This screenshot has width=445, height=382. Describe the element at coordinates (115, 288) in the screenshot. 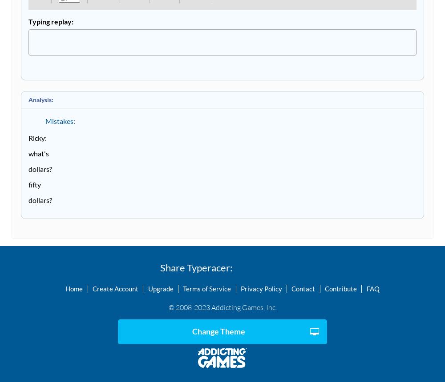

I see `'Create Account'` at that location.